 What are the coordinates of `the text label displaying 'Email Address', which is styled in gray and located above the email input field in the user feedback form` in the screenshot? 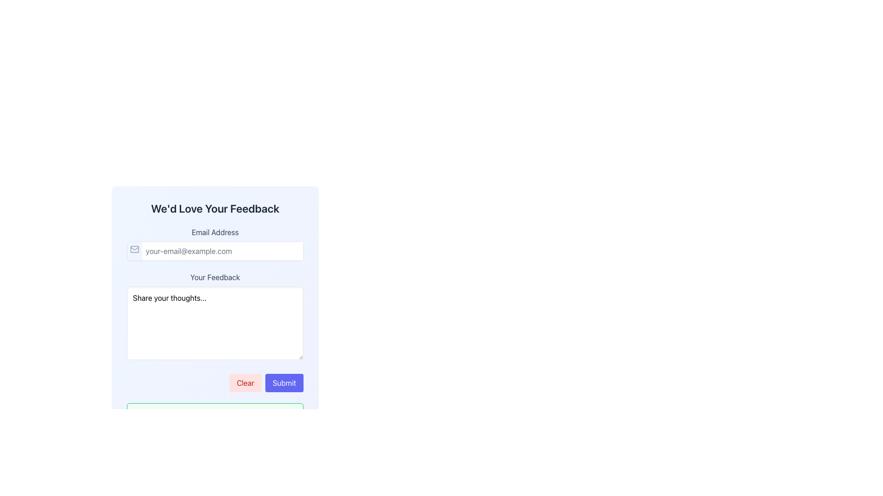 It's located at (214, 231).